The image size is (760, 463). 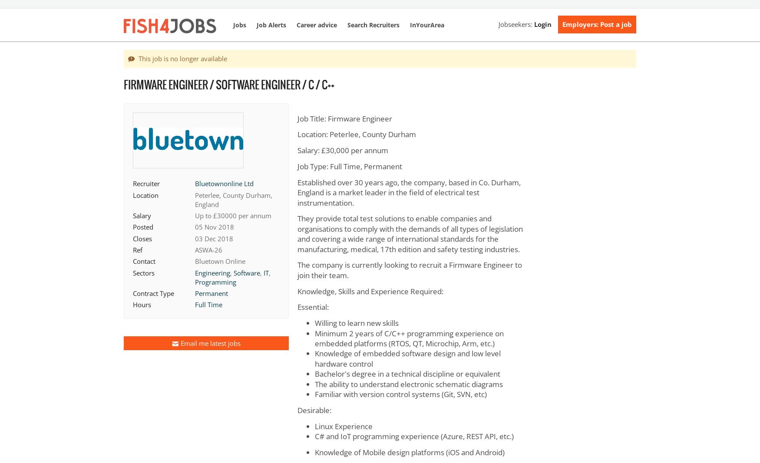 What do you see at coordinates (409, 338) in the screenshot?
I see `'Minimum 2 years of C/C++ programming experience on embedded platforms (RTOS, QT, Microchip, Arm, etc.)'` at bounding box center [409, 338].